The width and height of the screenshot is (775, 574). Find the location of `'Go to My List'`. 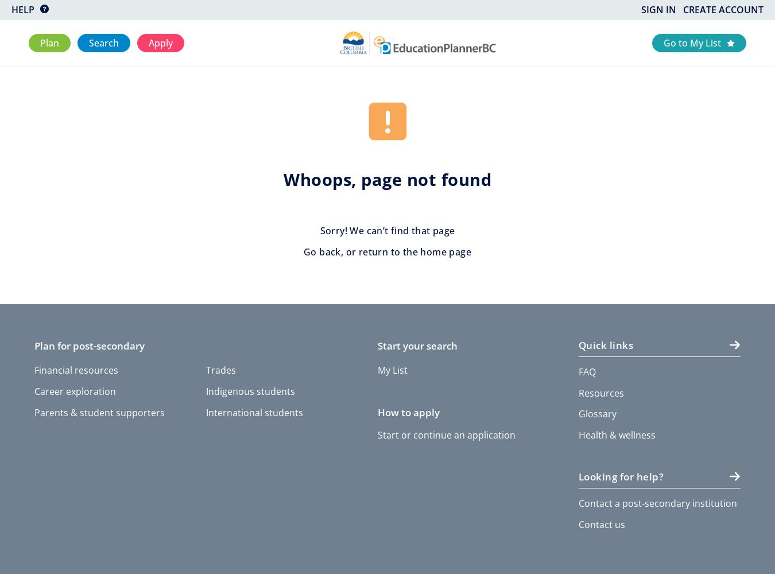

'Go to My List' is located at coordinates (691, 42).